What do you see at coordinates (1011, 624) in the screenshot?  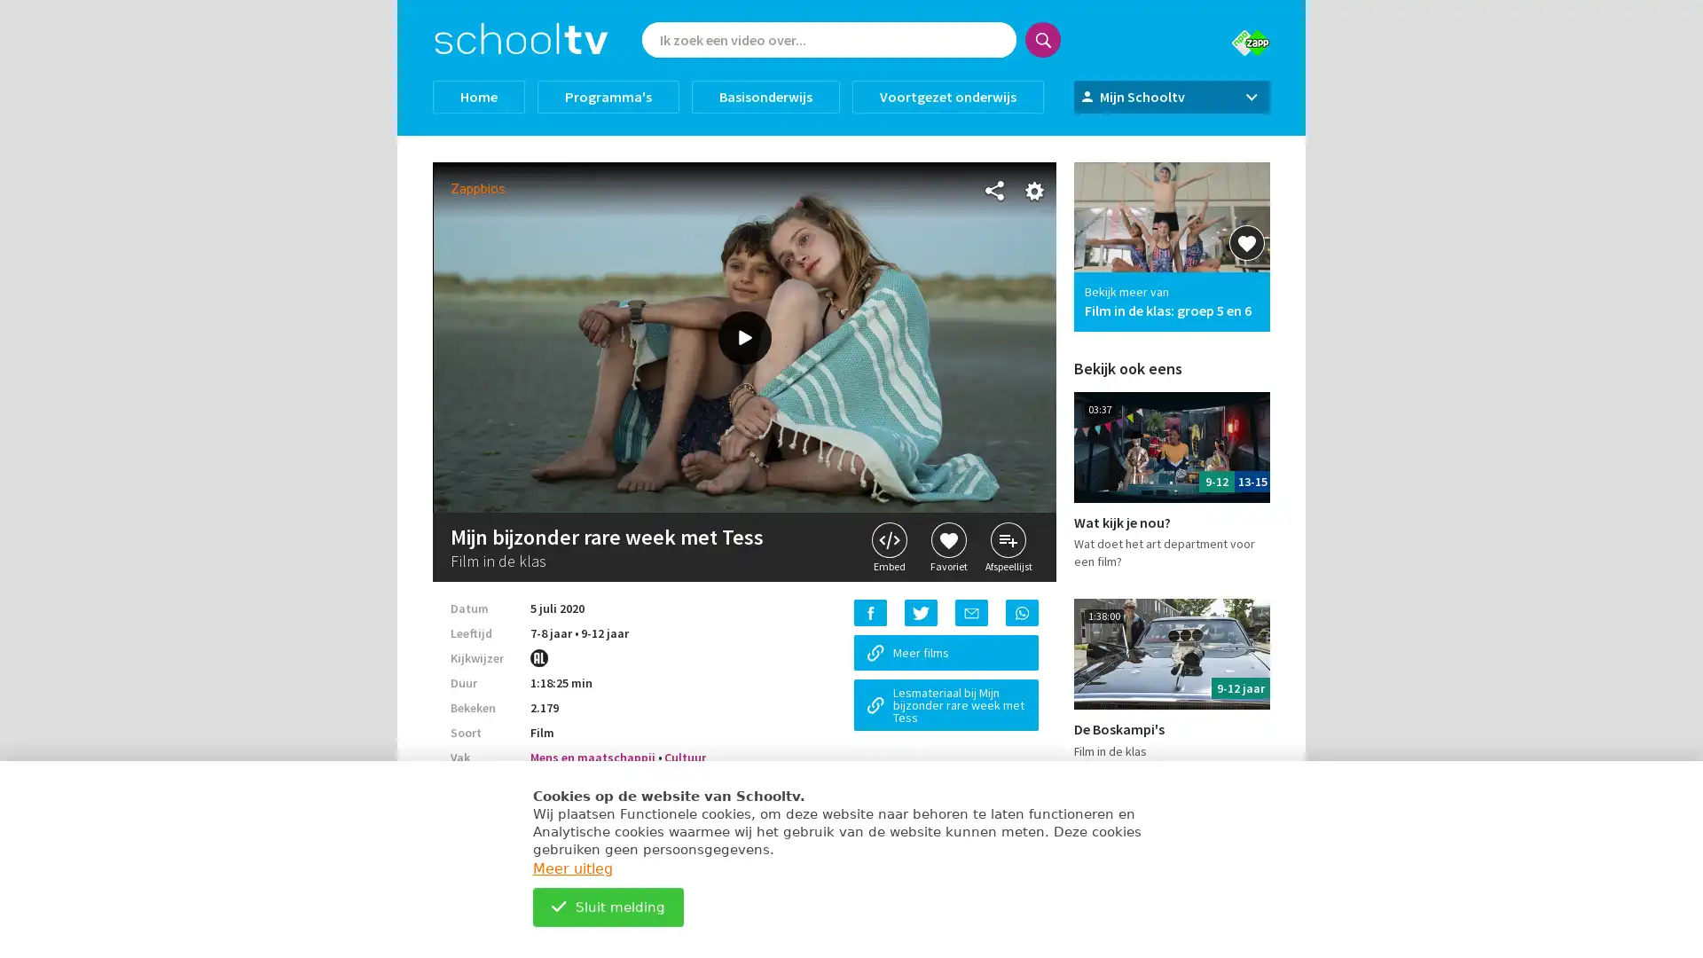 I see `Herinner mij later` at bounding box center [1011, 624].